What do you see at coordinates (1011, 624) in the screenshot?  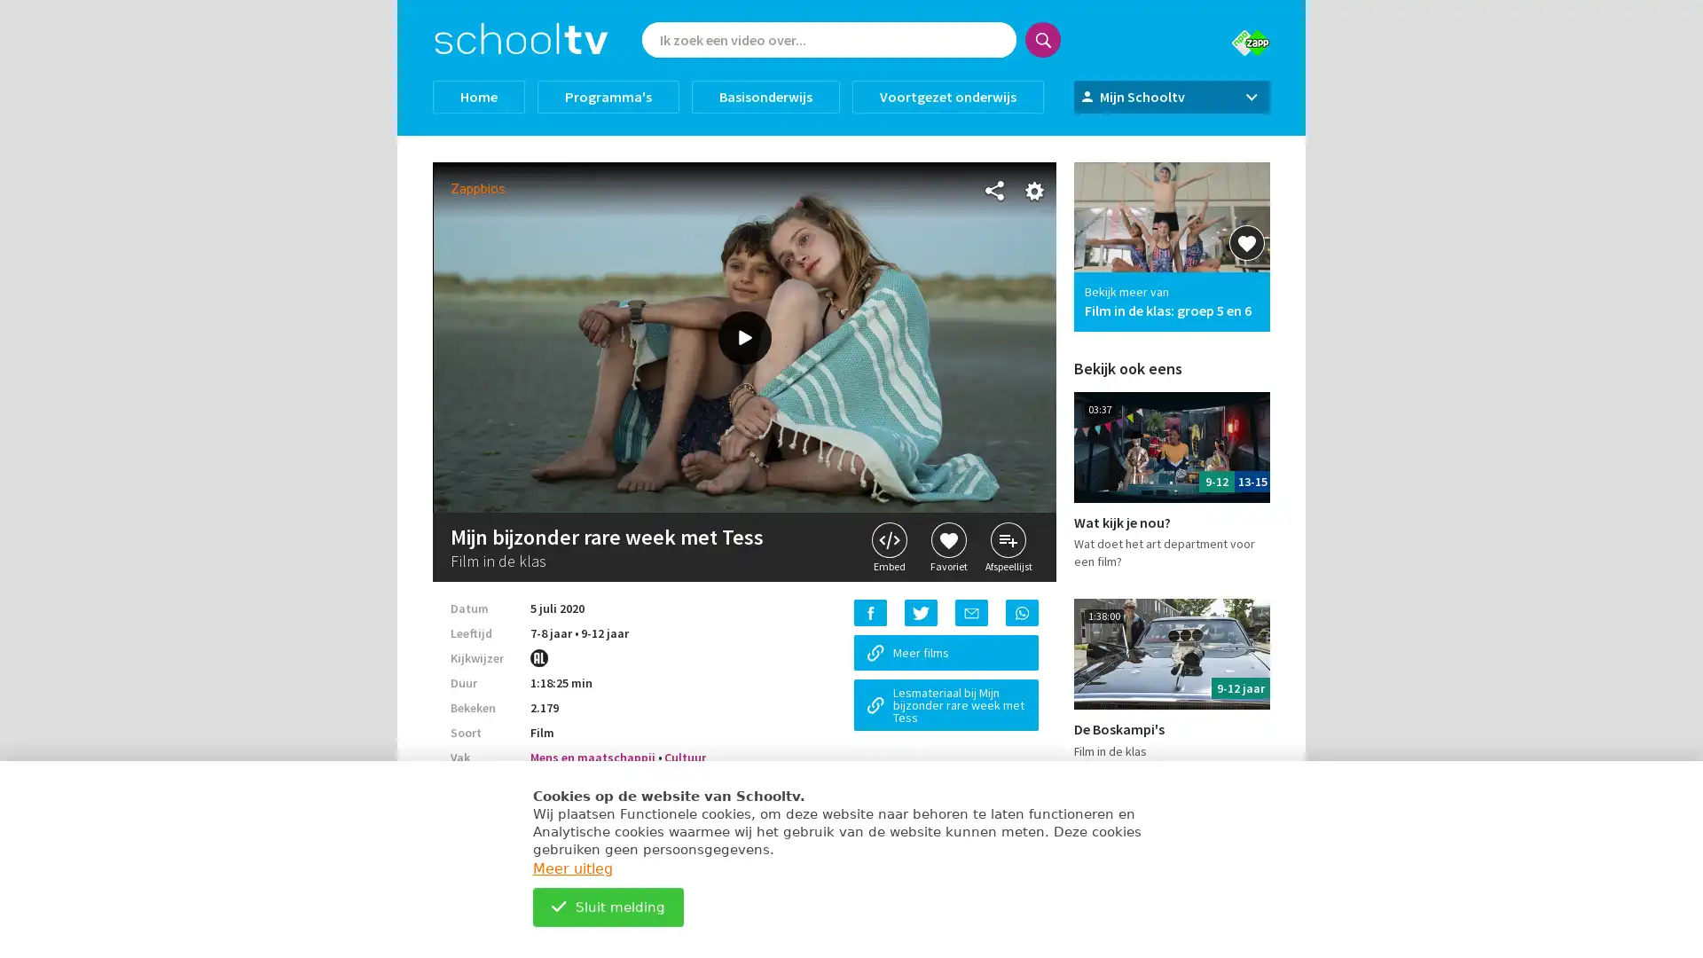 I see `Herinner mij later` at bounding box center [1011, 624].